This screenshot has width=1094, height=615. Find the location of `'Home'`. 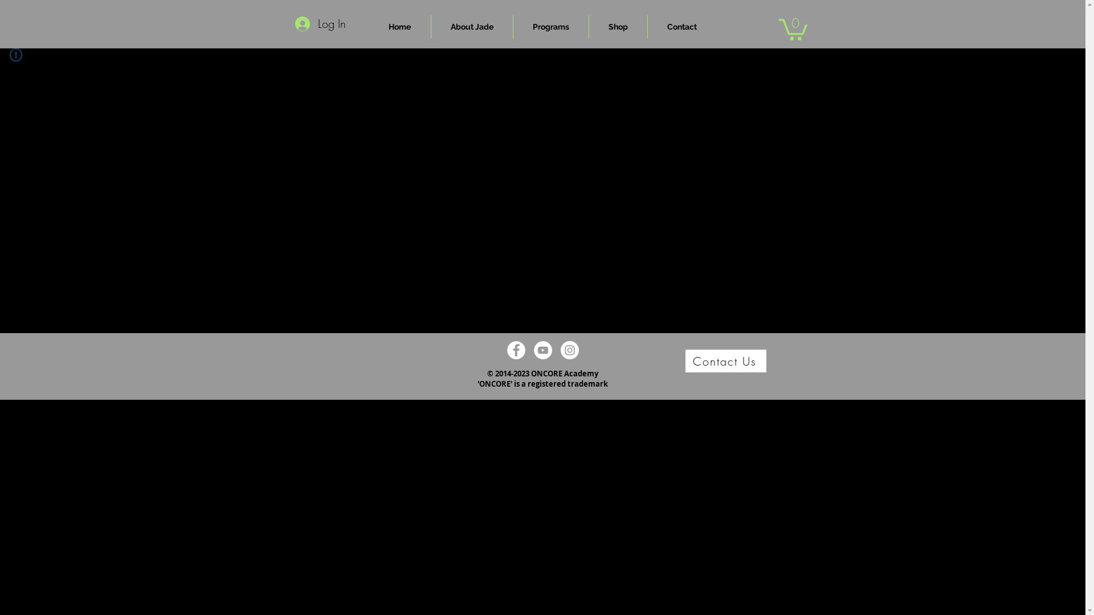

'Home' is located at coordinates (399, 26).